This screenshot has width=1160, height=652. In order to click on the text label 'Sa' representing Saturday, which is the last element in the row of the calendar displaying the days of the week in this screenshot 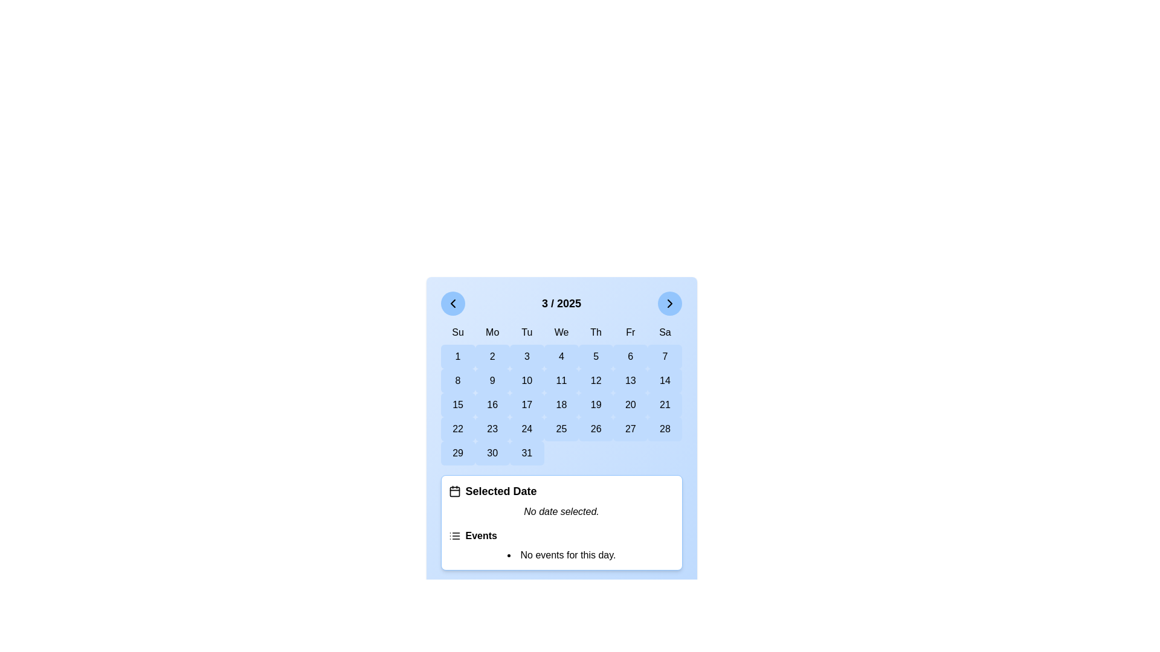, I will do `click(664, 333)`.